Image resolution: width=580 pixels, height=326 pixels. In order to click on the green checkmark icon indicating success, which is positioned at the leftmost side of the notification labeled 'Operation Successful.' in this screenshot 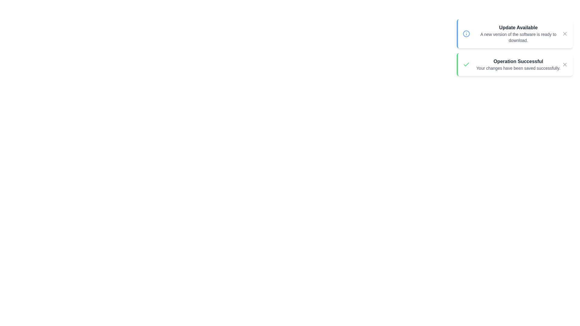, I will do `click(466, 64)`.